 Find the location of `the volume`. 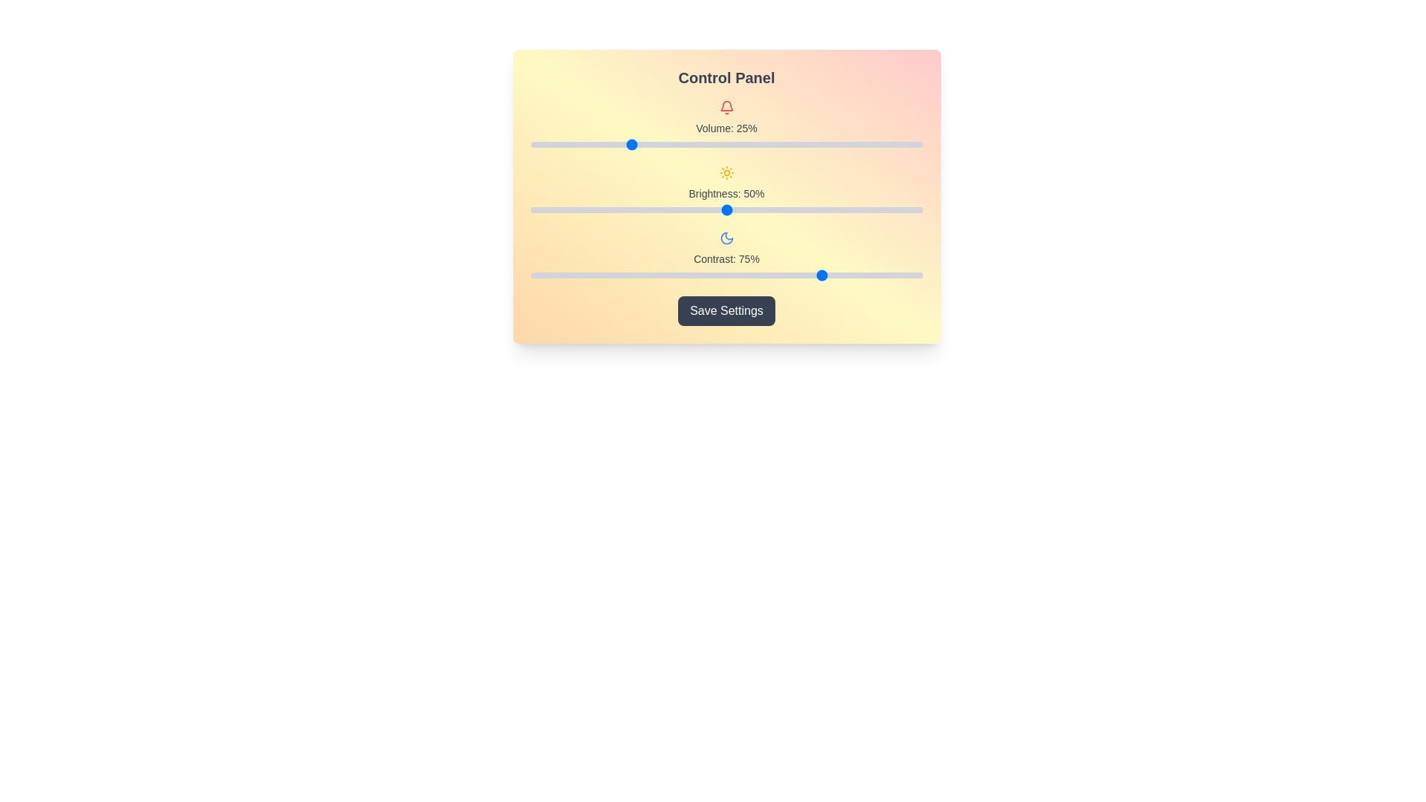

the volume is located at coordinates (640, 145).